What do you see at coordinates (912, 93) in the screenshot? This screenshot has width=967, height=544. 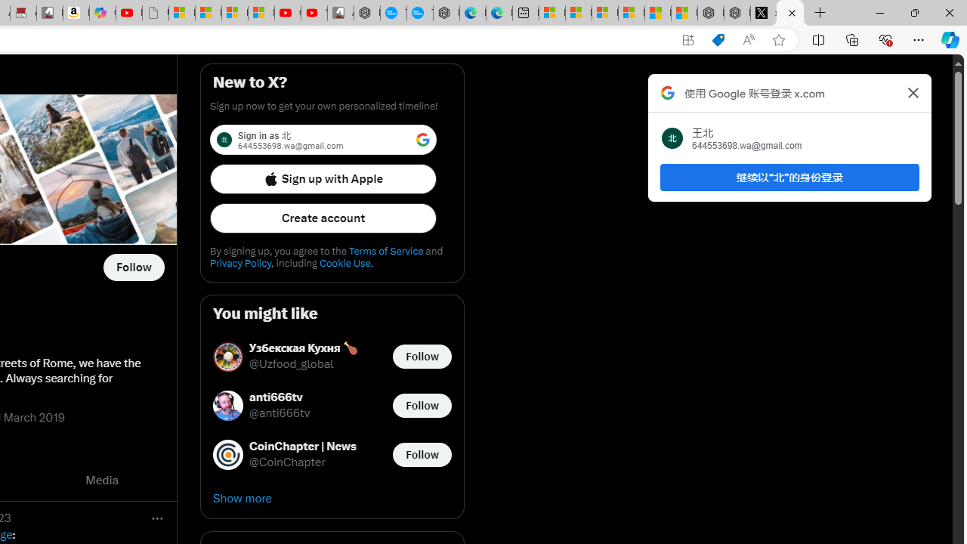 I see `'Class: Bz112c Bz112c-r9oPif'` at bounding box center [912, 93].